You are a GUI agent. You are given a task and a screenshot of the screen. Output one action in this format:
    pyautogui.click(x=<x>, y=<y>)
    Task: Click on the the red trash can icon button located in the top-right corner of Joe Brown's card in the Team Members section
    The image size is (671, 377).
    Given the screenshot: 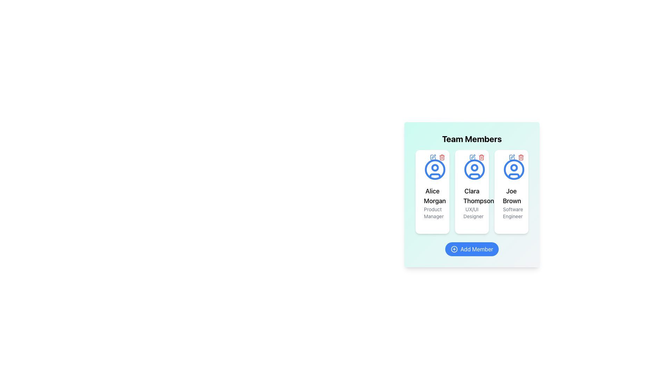 What is the action you would take?
    pyautogui.click(x=521, y=157)
    